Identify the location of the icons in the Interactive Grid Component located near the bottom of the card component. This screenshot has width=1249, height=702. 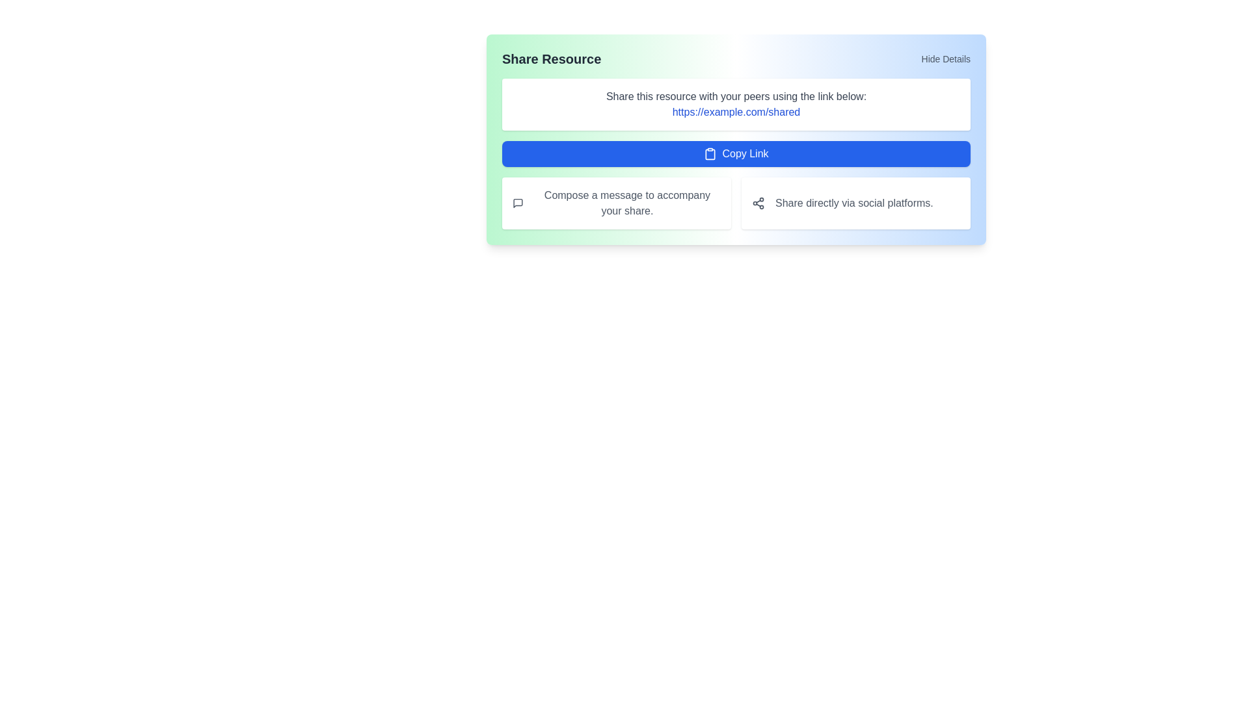
(736, 203).